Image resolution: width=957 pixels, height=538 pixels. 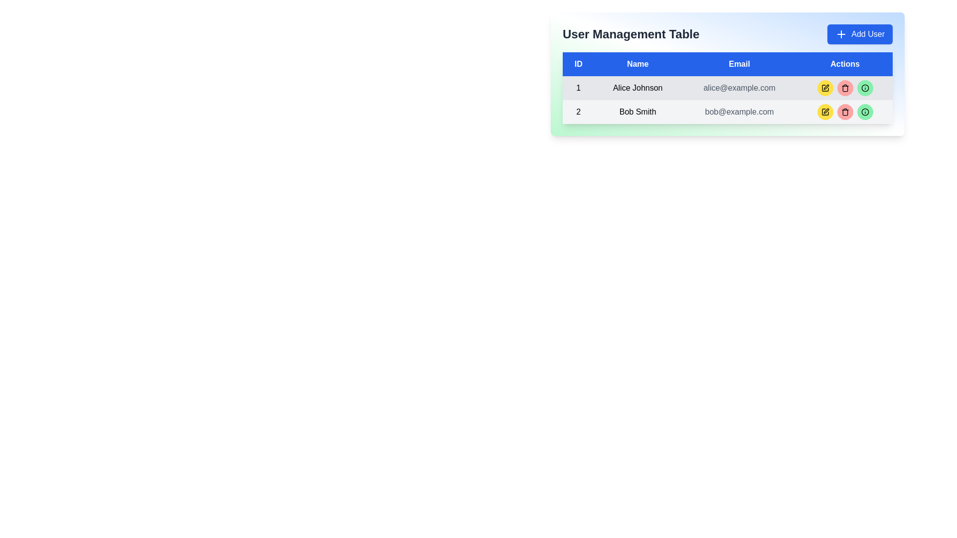 What do you see at coordinates (578, 64) in the screenshot?
I see `the 'ID' header label in the table structure, which is the leftmost item in the header row` at bounding box center [578, 64].